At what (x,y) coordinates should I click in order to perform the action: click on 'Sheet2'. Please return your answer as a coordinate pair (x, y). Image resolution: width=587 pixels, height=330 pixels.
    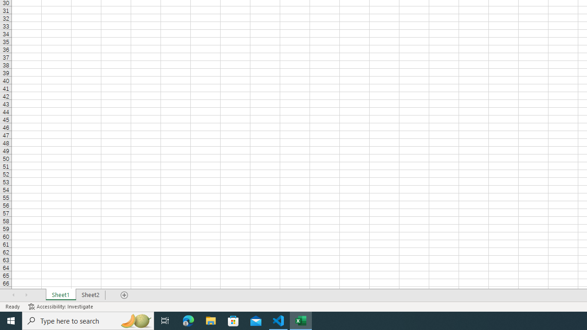
    Looking at the image, I should click on (90, 295).